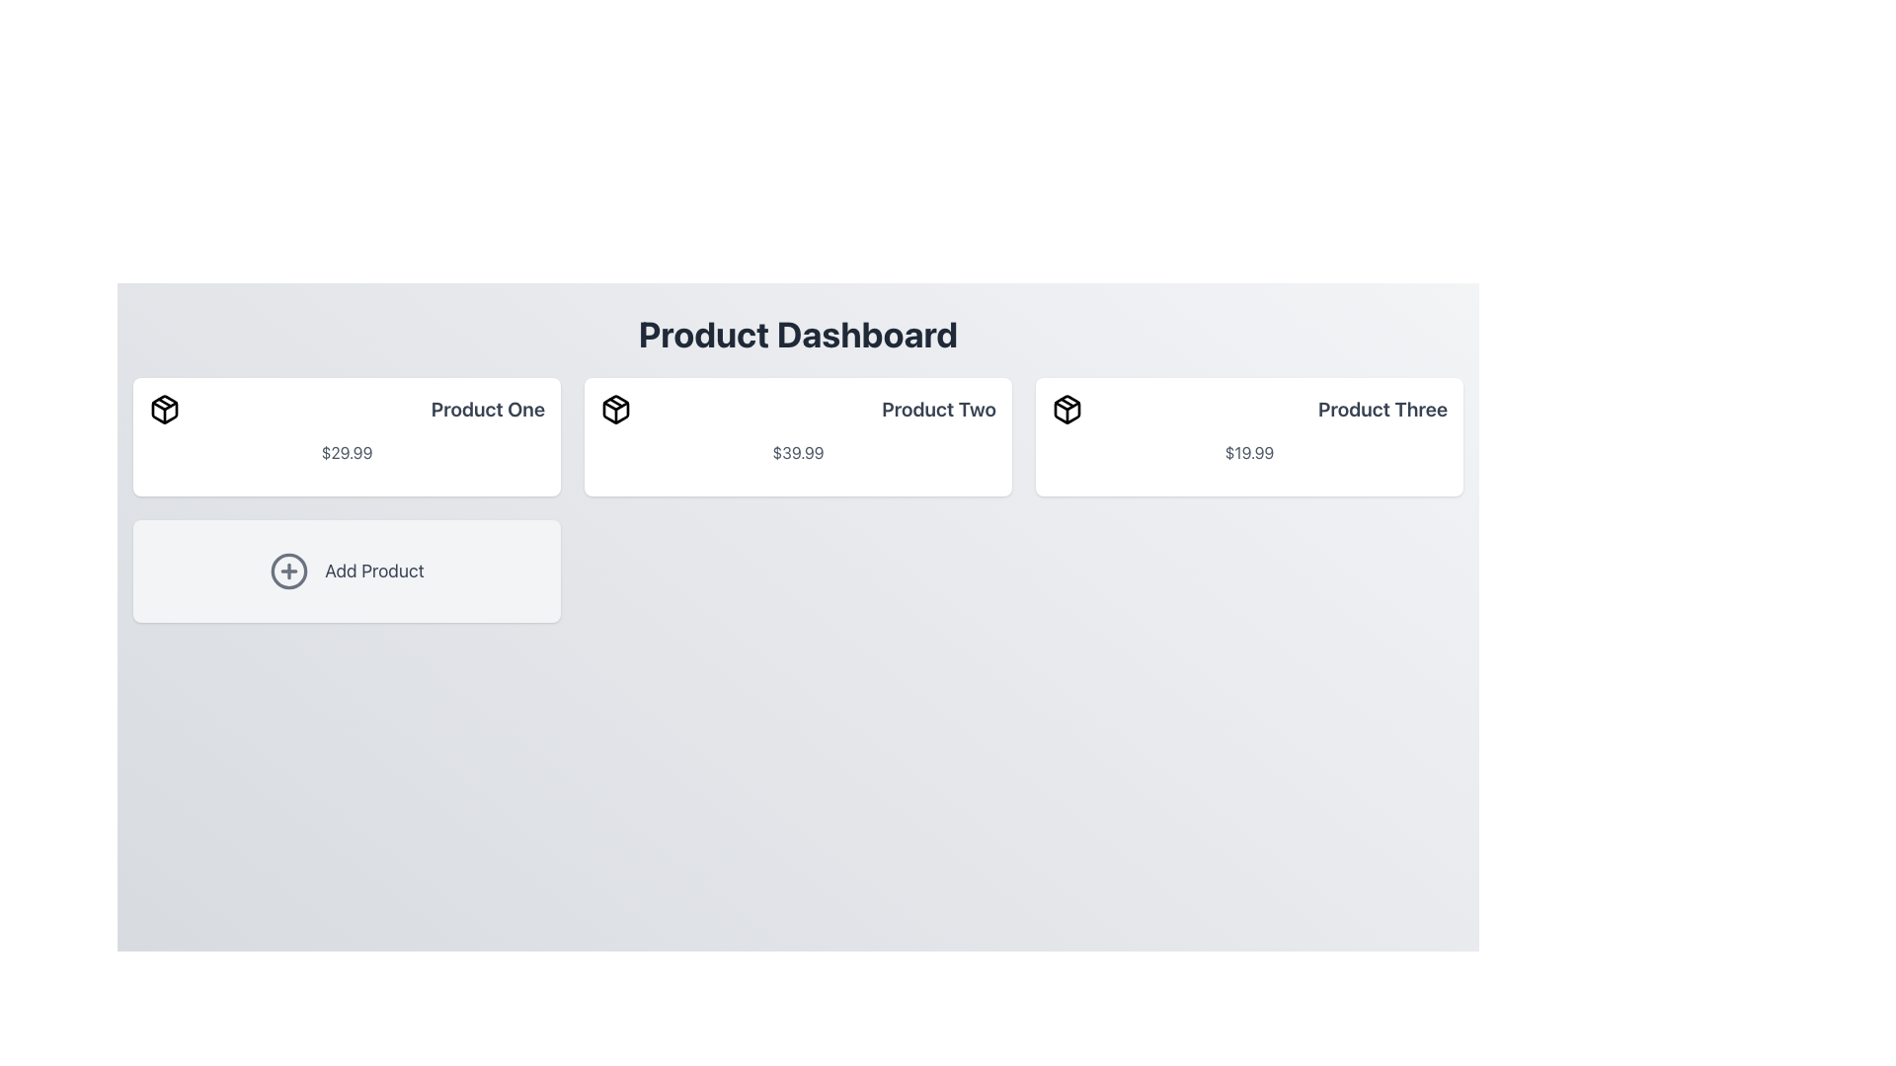  What do you see at coordinates (937, 409) in the screenshot?
I see `the Text Label that serves as the title of the second product in the layout, which is centrally aligned within its card, positioned between 'Product One' and 'Product Three'` at bounding box center [937, 409].